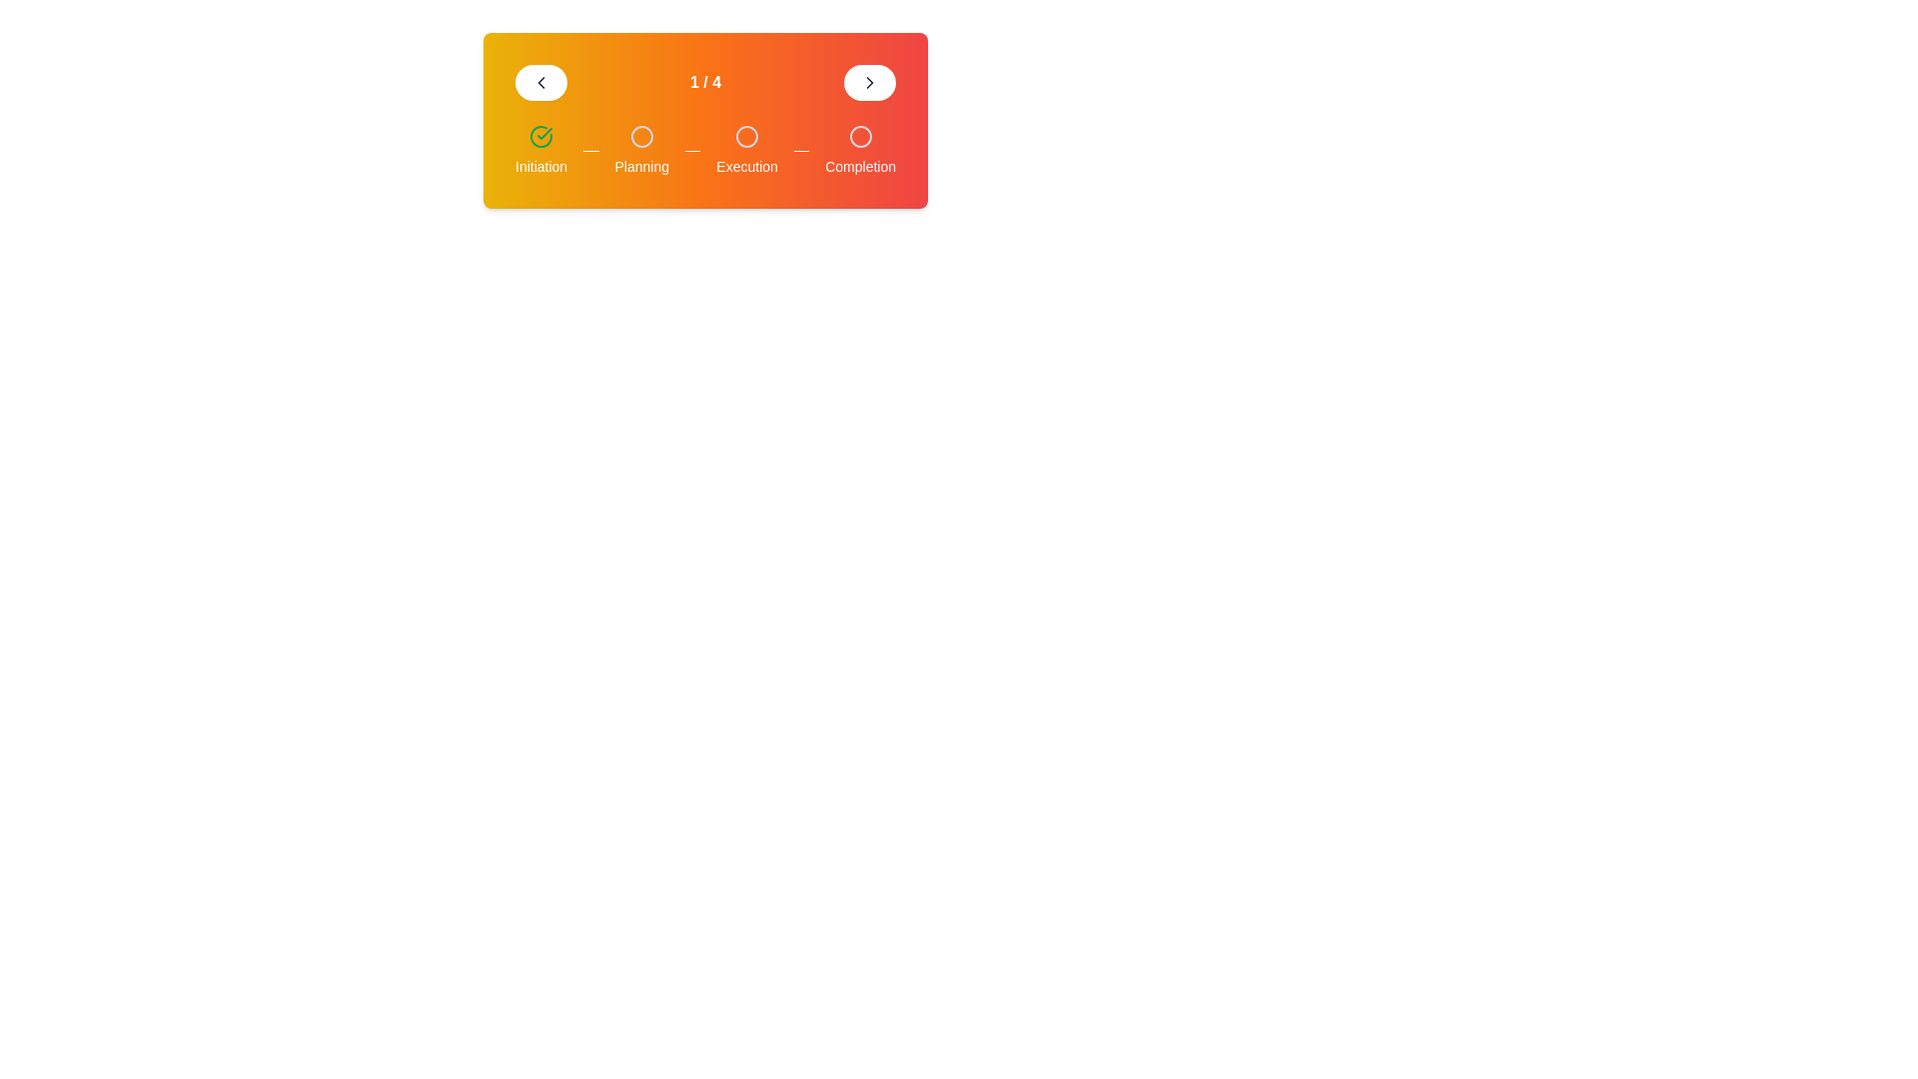 The height and width of the screenshot is (1079, 1918). I want to click on the 'Execution' text label in the step progression bar, which is the third item between 'Planning' and 'Completion', so click(746, 165).